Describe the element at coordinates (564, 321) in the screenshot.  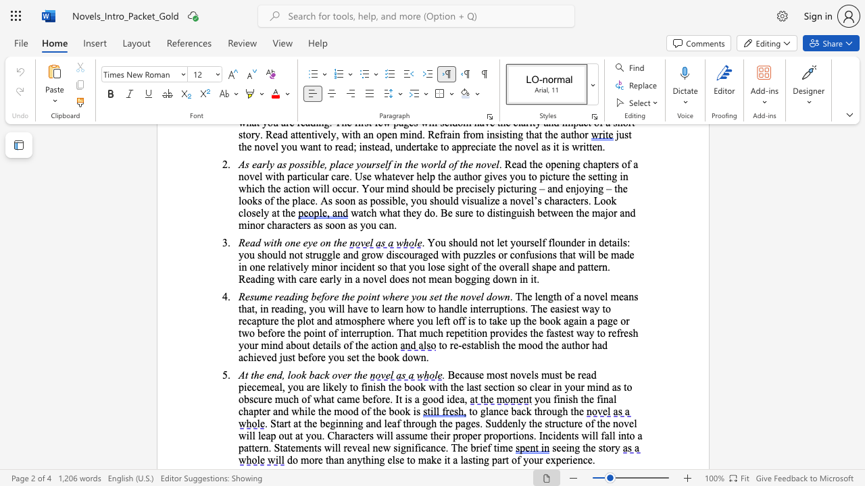
I see `the subset text "again a page or two before the point of interruption. That much re" within the text ". The length of a novel means that, in reading, you will have to learn how to handle interruptions. The easiest way to recapture the plot and atmosphere where you left off is to take up the book again a page or two before the point of interruption. That much repetition"` at that location.